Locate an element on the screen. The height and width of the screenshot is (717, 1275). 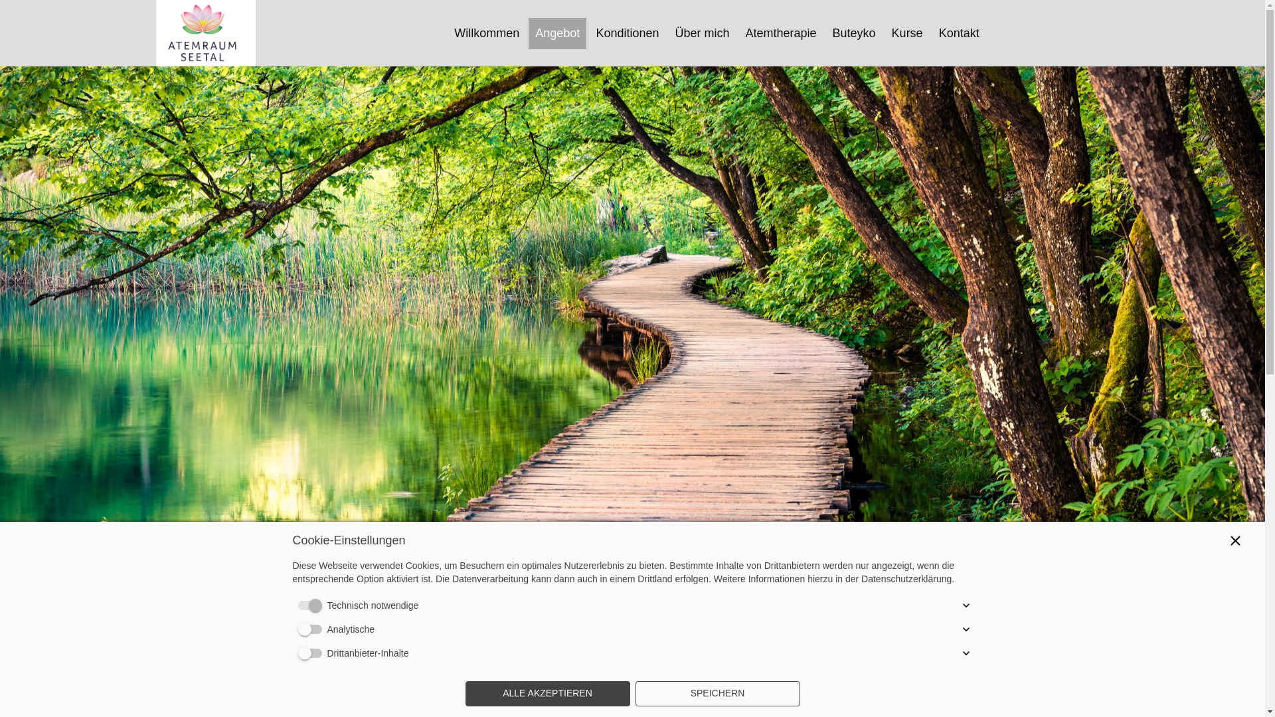
'Buteyko' is located at coordinates (854, 33).